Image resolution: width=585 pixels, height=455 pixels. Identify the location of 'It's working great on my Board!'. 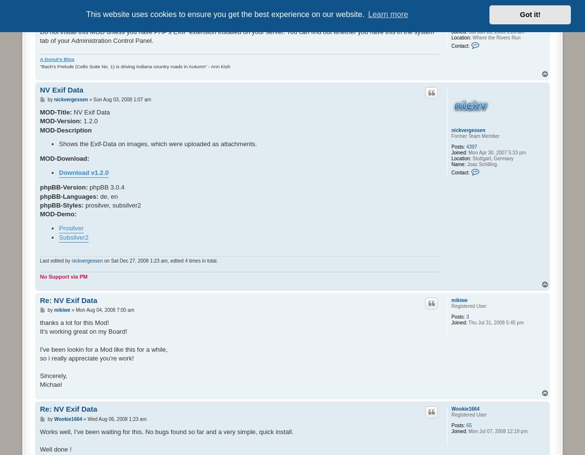
(82, 331).